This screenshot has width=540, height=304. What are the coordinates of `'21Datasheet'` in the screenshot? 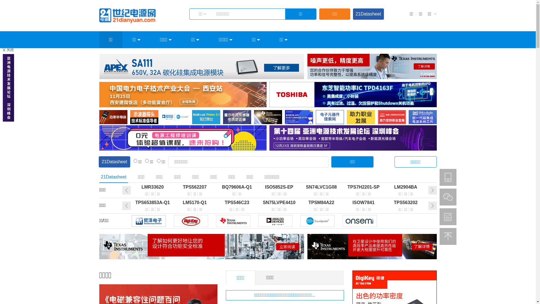 It's located at (368, 14).